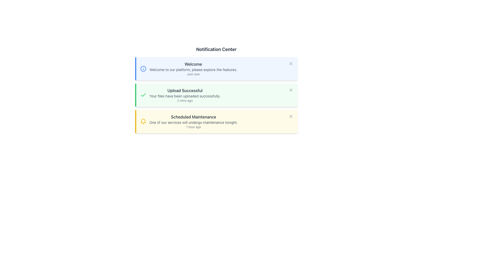 The height and width of the screenshot is (274, 487). Describe the element at coordinates (143, 95) in the screenshot. I see `the visual confirmation icon located at the top-left corner of the 'Upload Successful' notification card, adjacent to the title text` at that location.